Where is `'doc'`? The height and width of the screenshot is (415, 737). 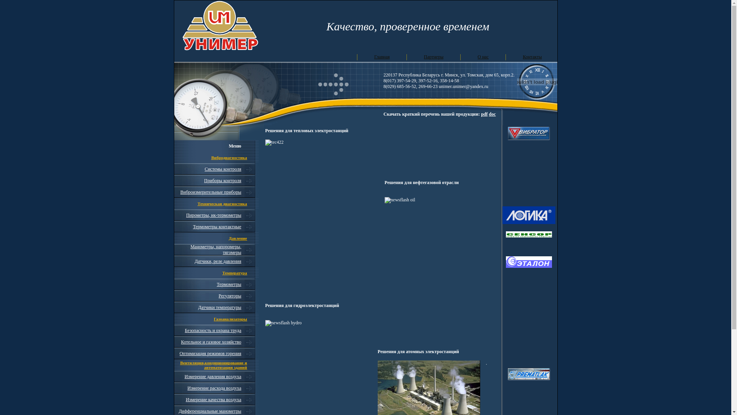
'doc' is located at coordinates (492, 114).